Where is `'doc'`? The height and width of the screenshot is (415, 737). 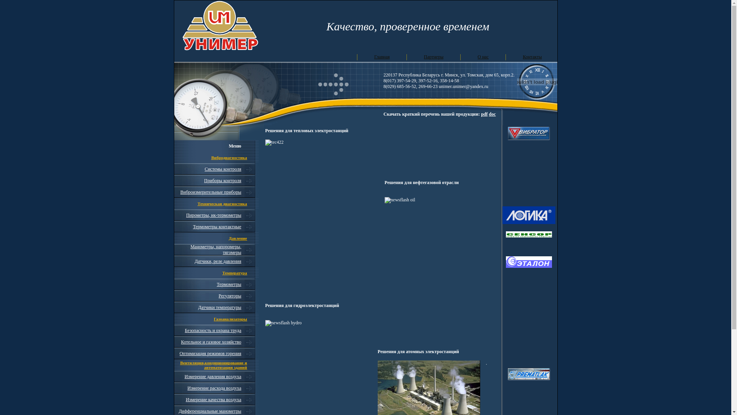
'doc' is located at coordinates (492, 114).